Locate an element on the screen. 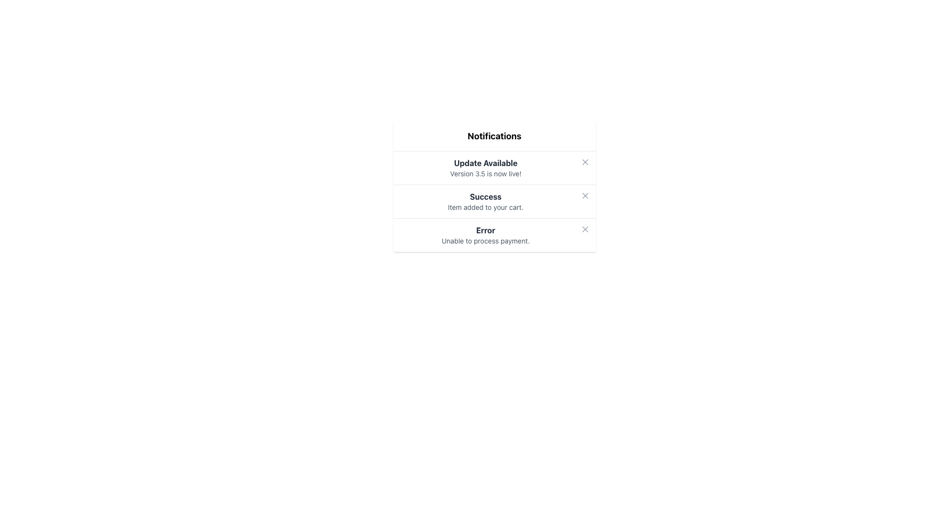  the dismiss button located on the far-right side of the 'Update Available' notification is located at coordinates (584, 161).